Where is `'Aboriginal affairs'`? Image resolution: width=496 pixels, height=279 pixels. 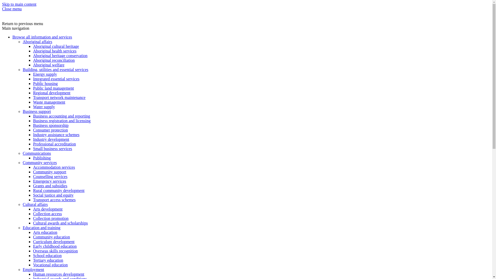 'Aboriginal affairs' is located at coordinates (37, 41).